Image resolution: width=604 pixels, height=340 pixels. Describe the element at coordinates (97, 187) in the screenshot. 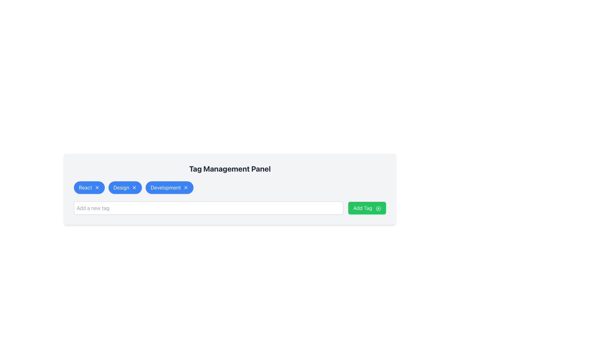

I see `the delete button associated with the 'React' tag` at that location.